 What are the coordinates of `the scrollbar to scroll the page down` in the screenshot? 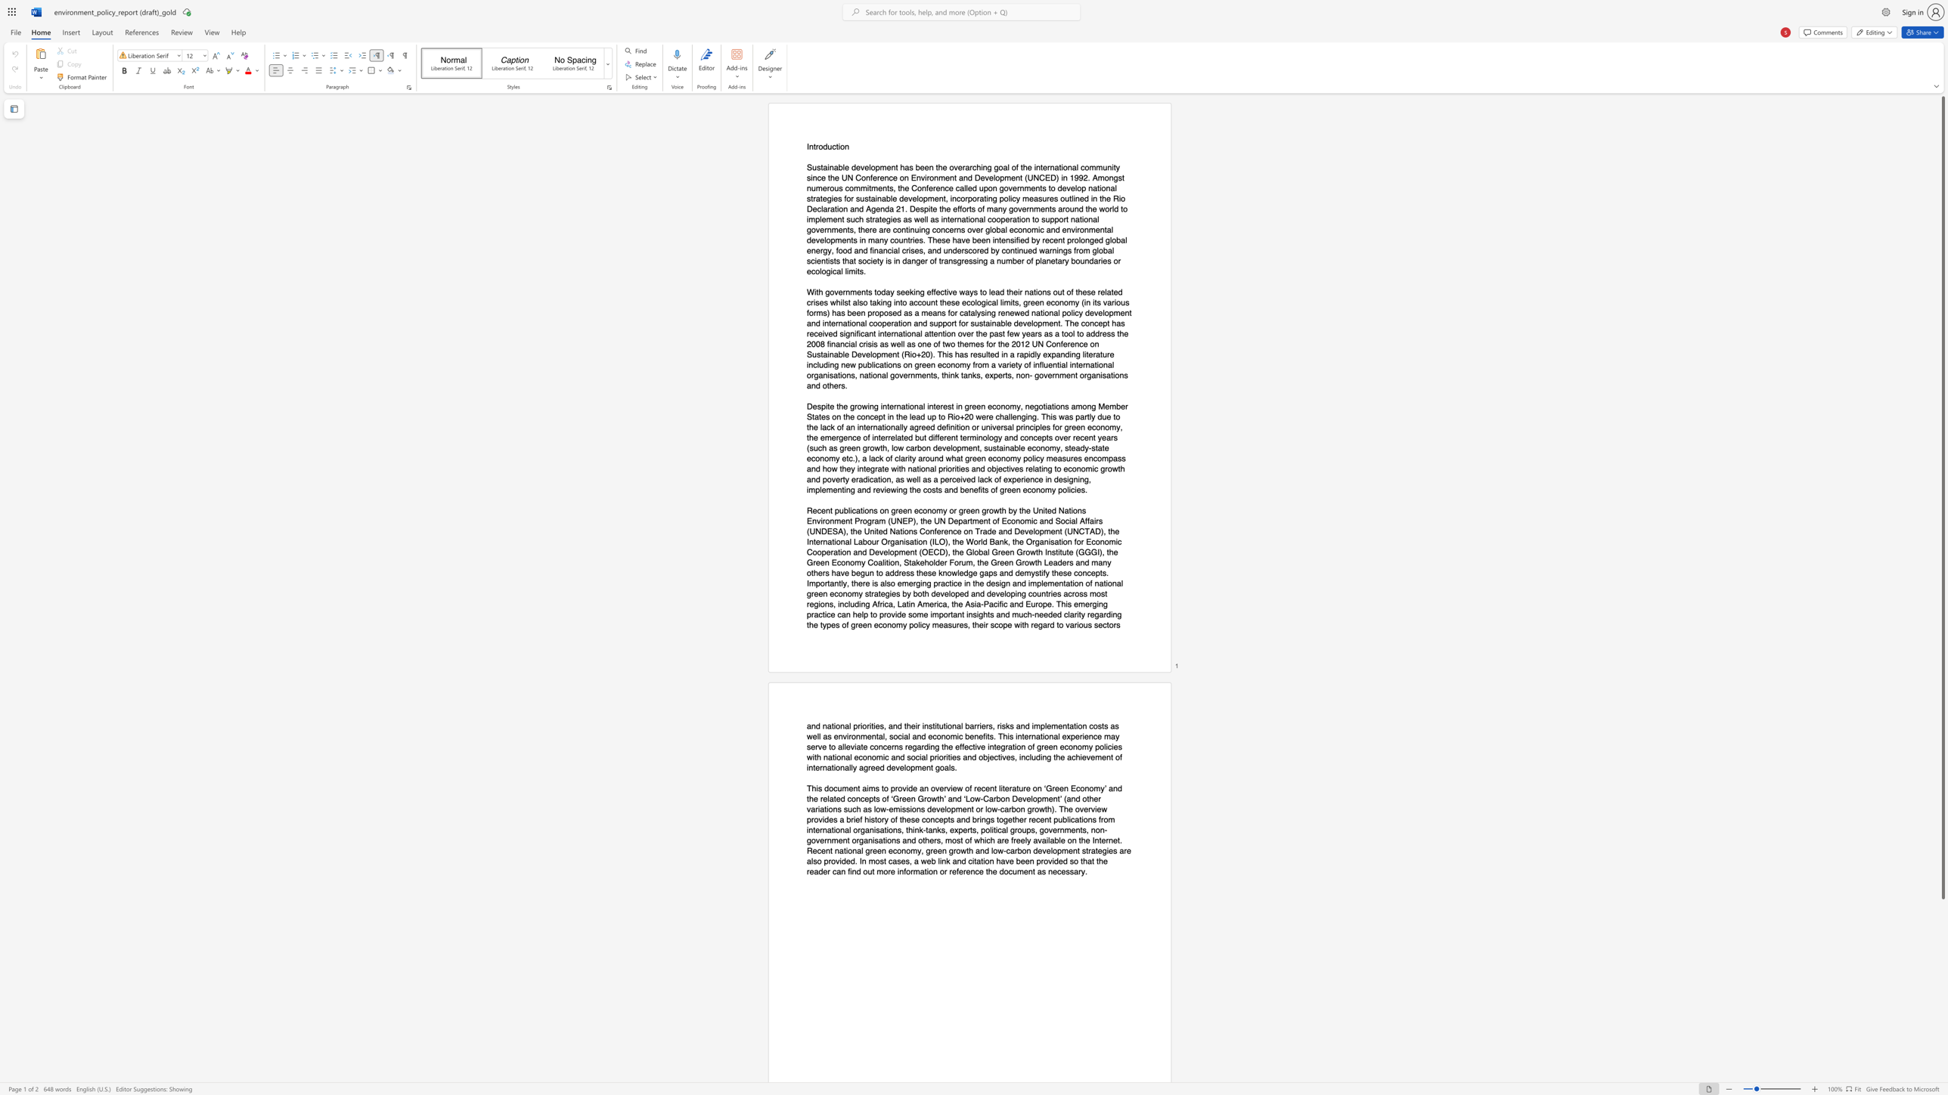 It's located at (1942, 933).